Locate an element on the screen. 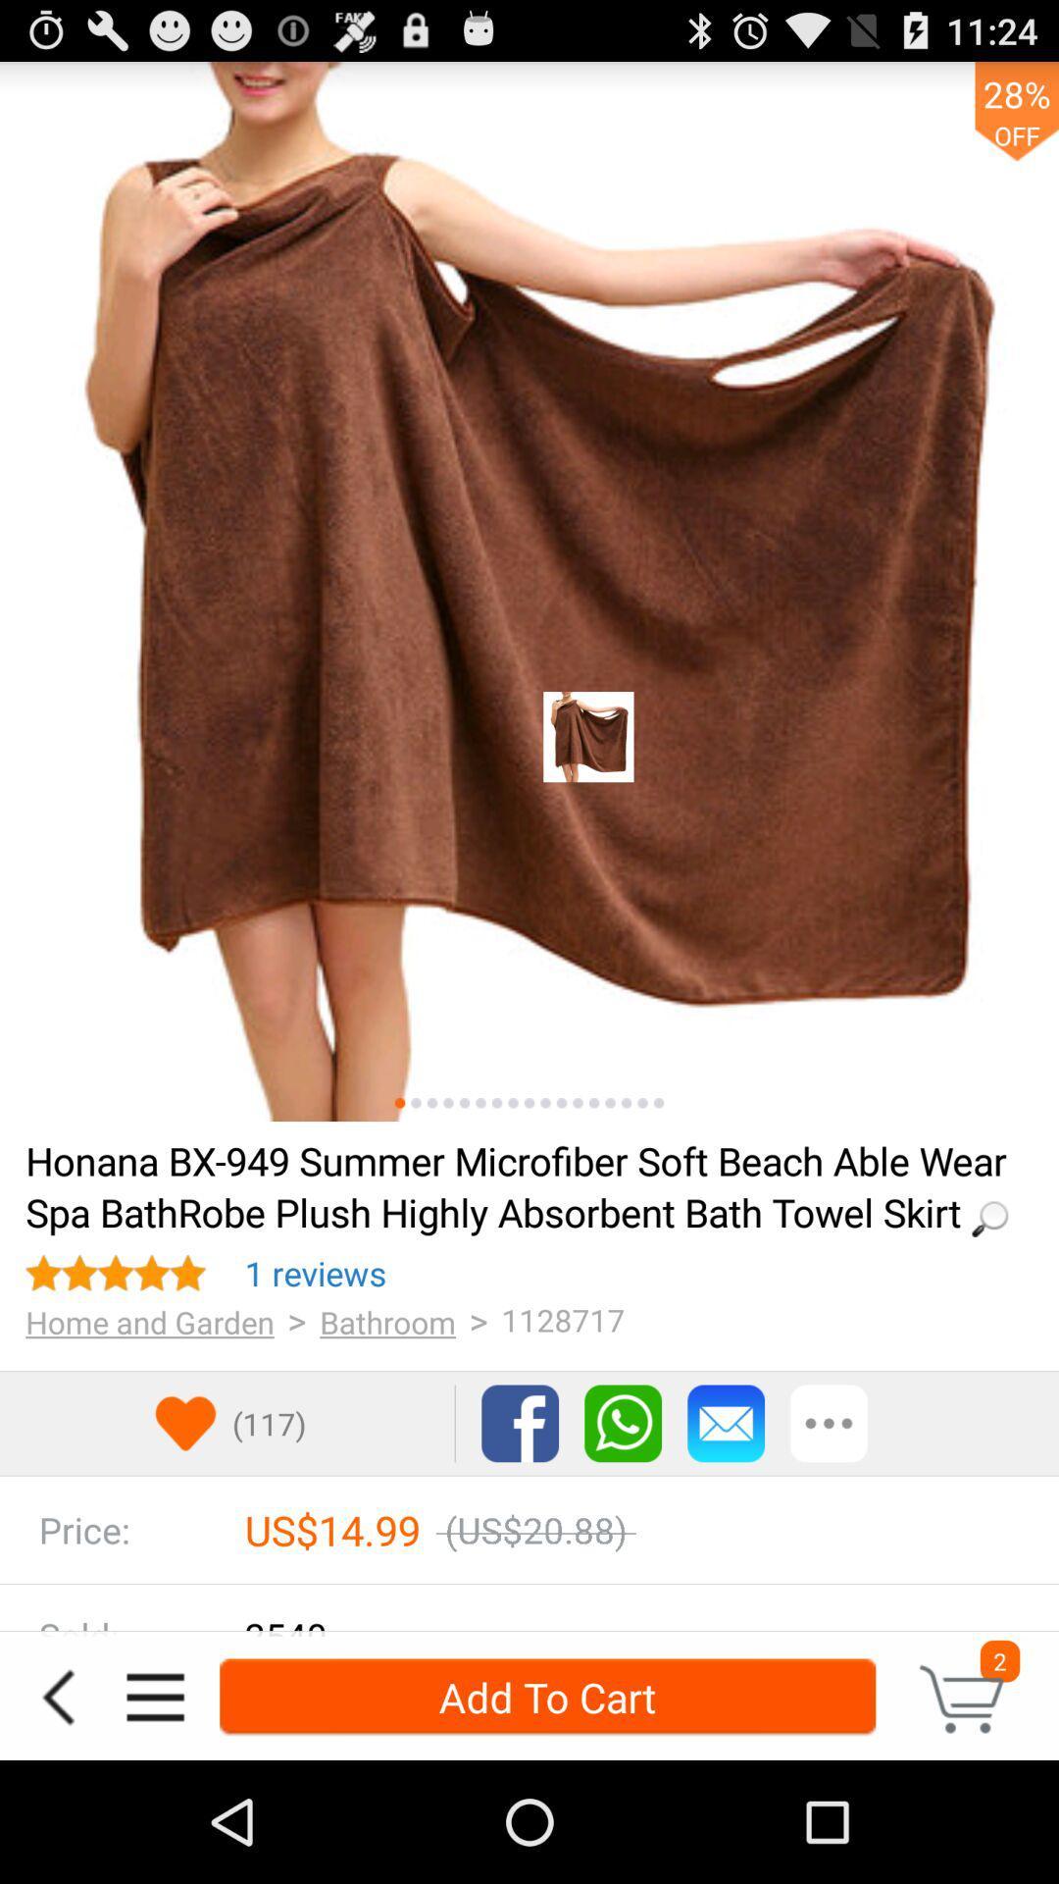 The image size is (1059, 1884). next image is located at coordinates (592, 1103).